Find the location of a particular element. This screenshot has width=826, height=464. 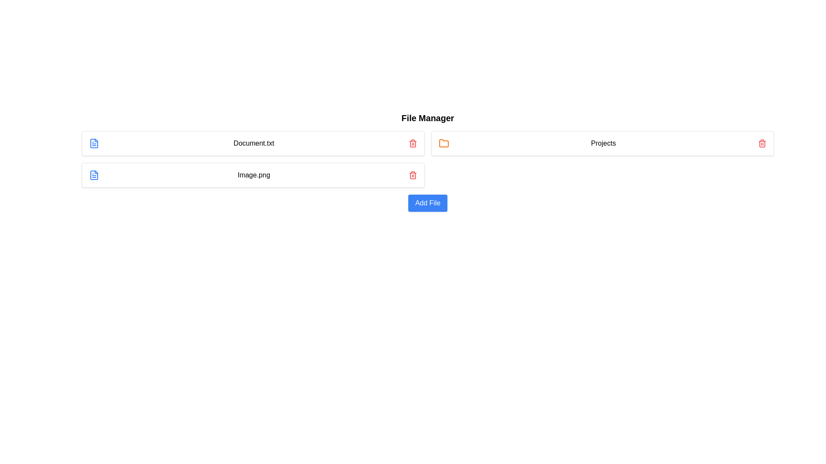

the transparent rounded rectangle Icon component part representing a trash bin, located to the right side of a file item in the file manager table is located at coordinates (412, 175).